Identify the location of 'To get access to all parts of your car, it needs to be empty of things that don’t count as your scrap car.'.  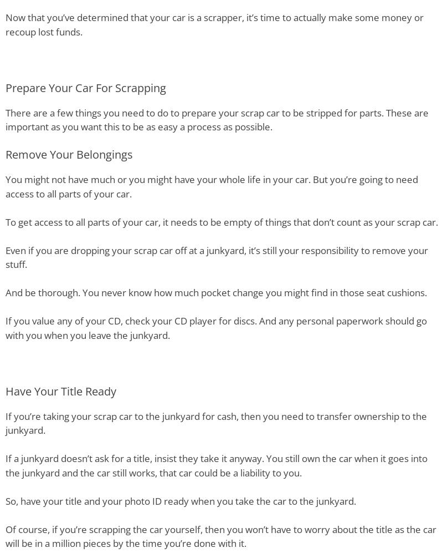
(222, 221).